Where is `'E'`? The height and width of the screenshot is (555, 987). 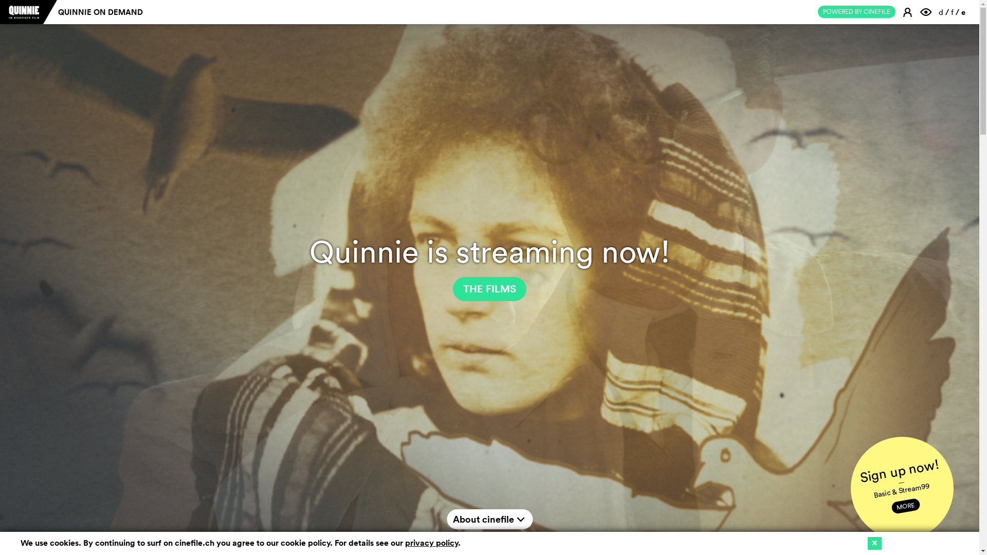 'E' is located at coordinates (908, 11).